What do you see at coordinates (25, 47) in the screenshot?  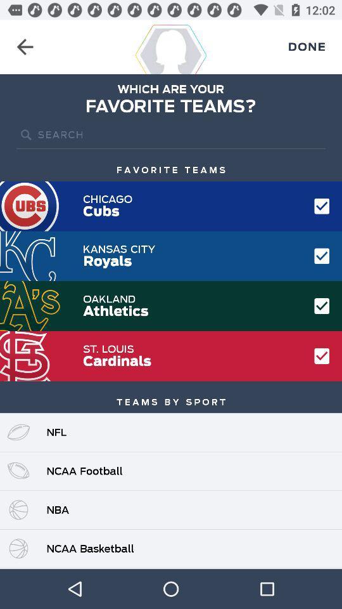 I see `previous` at bounding box center [25, 47].